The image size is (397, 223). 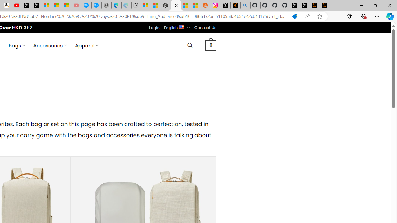 I want to click on 'X Privacy Policy', so click(x=324, y=5).